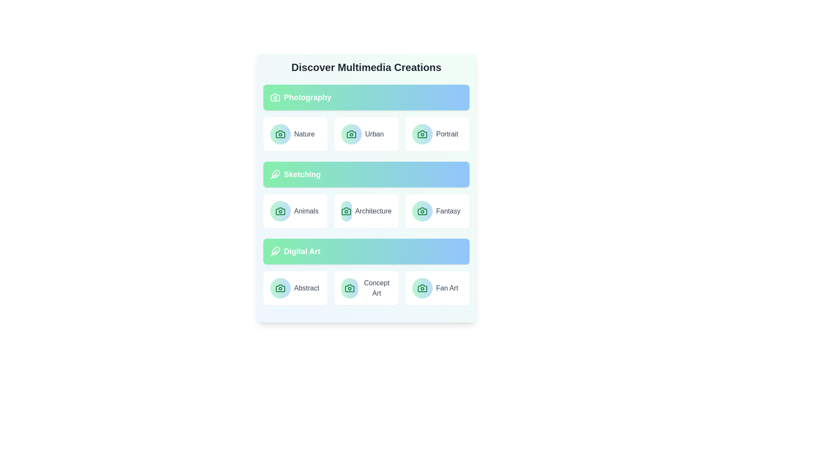  I want to click on the icon associated with the Urban category, so click(351, 134).